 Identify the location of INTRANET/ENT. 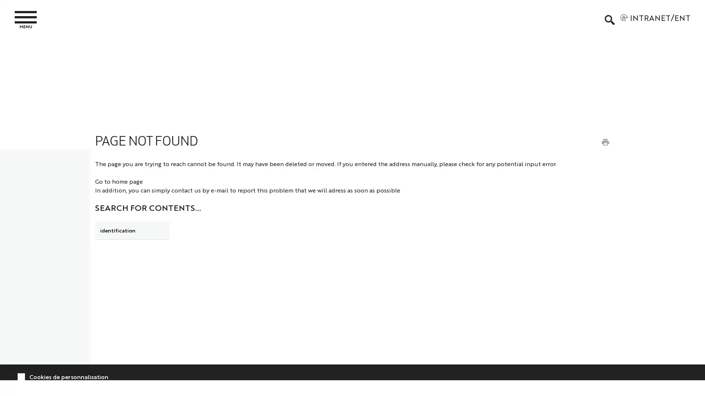
(655, 19).